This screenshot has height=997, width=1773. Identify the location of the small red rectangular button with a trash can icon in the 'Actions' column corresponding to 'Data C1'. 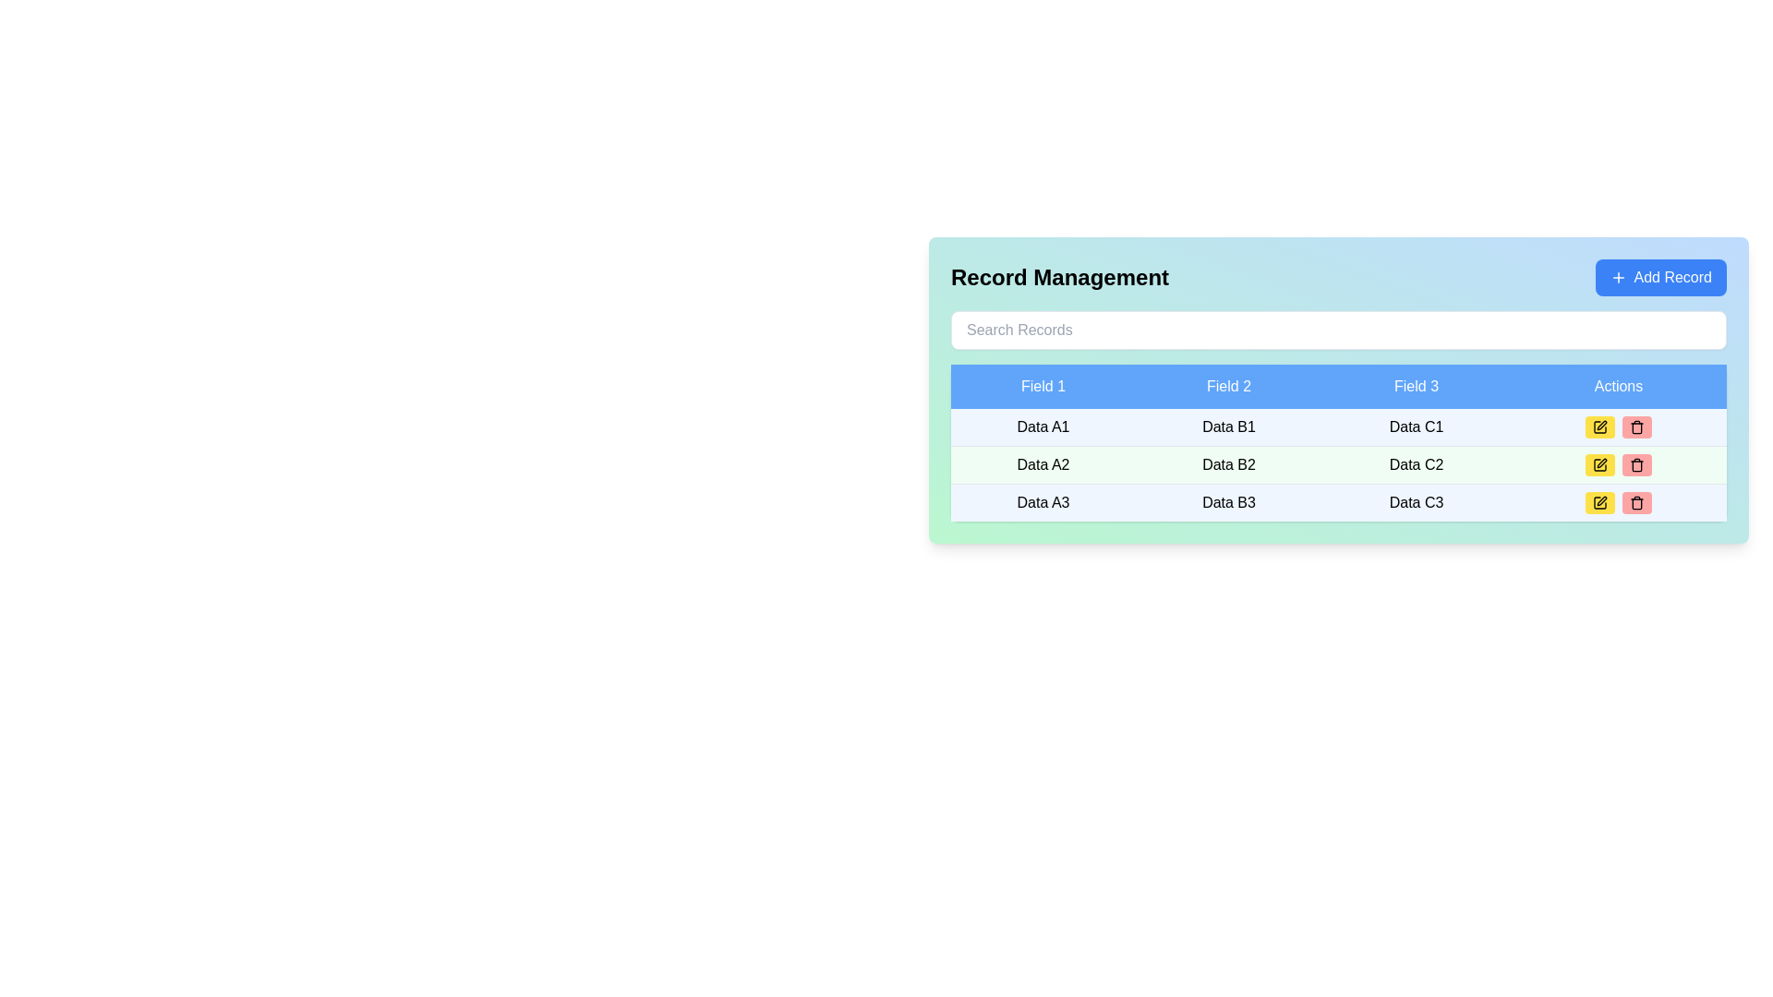
(1636, 426).